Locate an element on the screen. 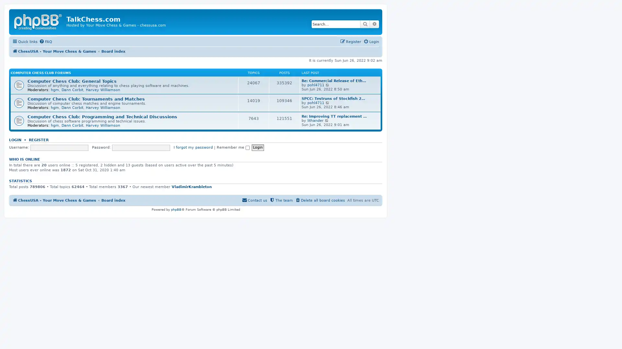 The height and width of the screenshot is (349, 622). Login is located at coordinates (257, 147).